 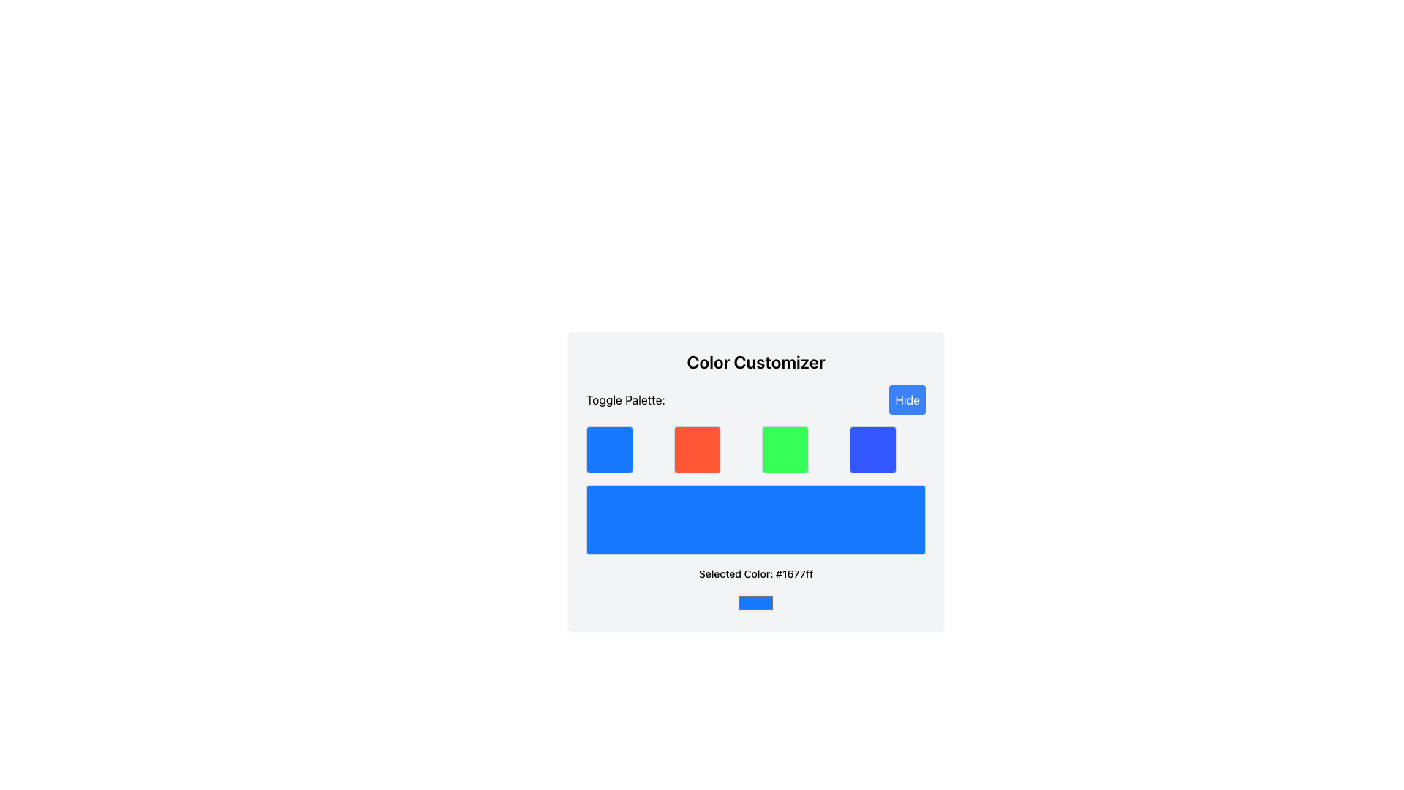 What do you see at coordinates (625, 400) in the screenshot?
I see `the text label 'Toggle Palette:' which describes the adjacent 'Hide' button, located near the top of the interface` at bounding box center [625, 400].